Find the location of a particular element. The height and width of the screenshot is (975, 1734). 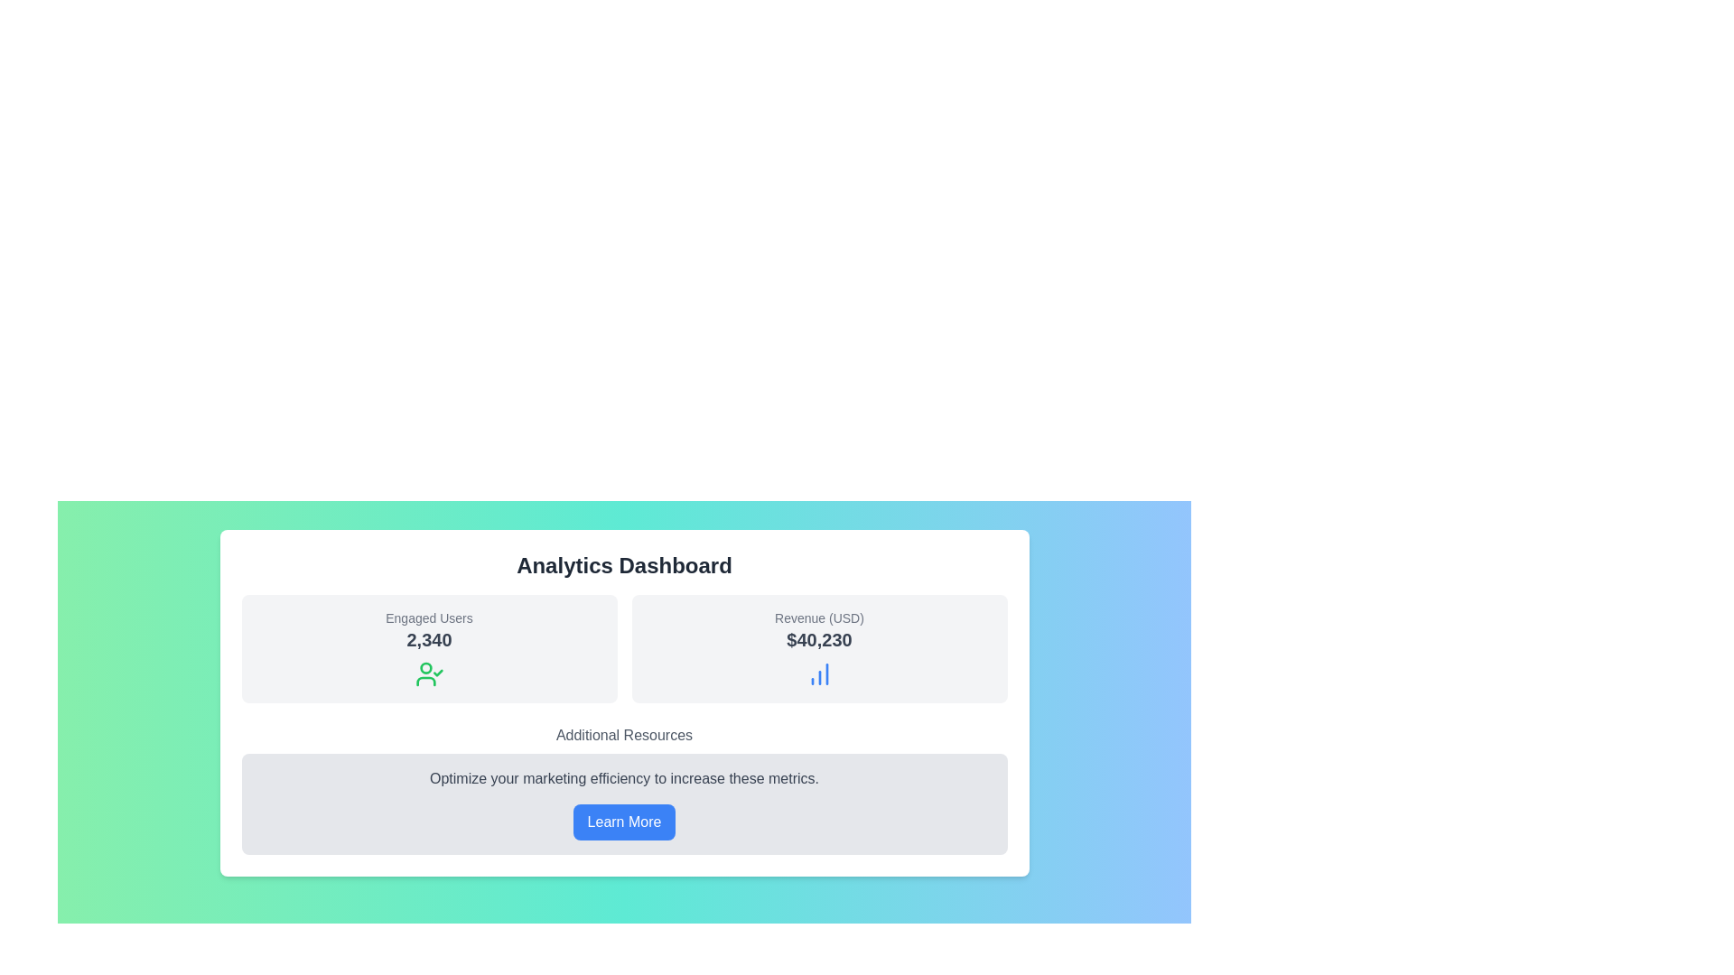

the context associated with the revenue growth icon located in the 'Revenue (USD)' section of the dashboard, positioned below the '$40,230' text is located at coordinates (818, 674).